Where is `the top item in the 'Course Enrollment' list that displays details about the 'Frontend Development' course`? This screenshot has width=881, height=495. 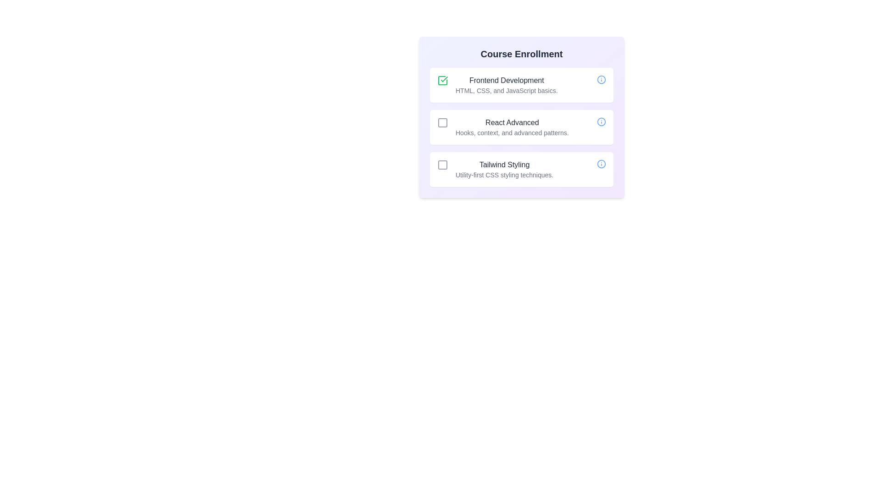
the top item in the 'Course Enrollment' list that displays details about the 'Frontend Development' course is located at coordinates (506, 85).